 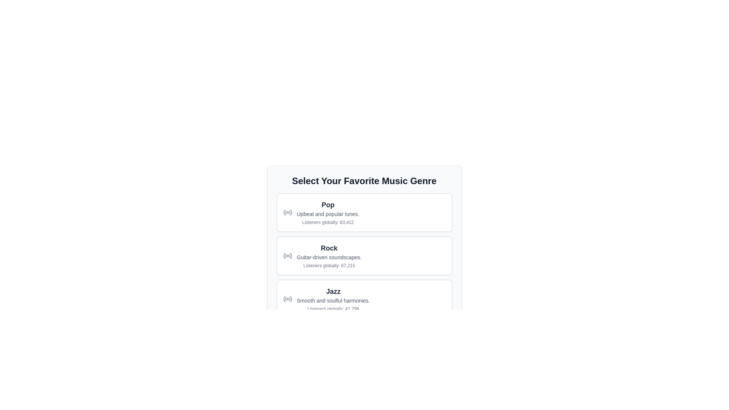 I want to click on the text label indicating the music genre 'Pop', which is positioned at the uppermost part of the card, so click(x=328, y=205).